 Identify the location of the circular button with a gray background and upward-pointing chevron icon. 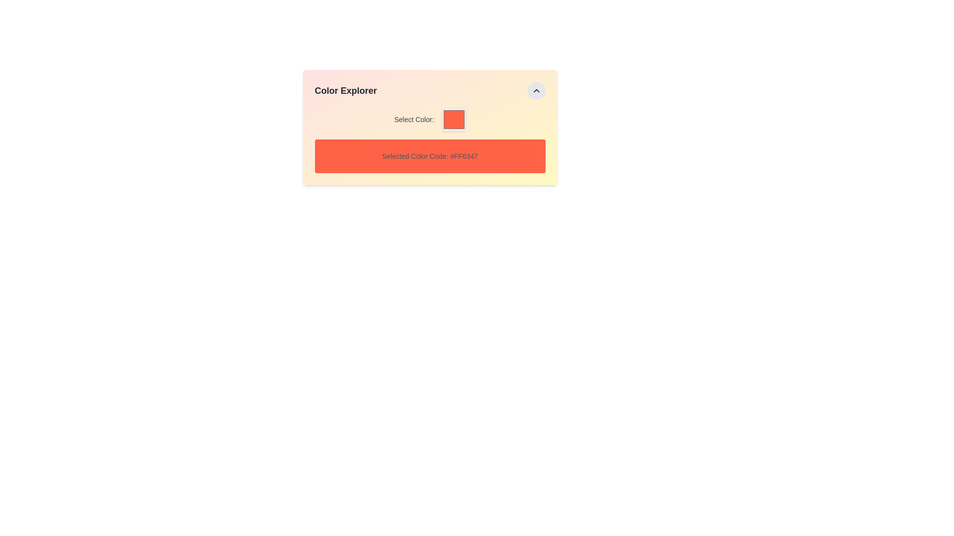
(536, 90).